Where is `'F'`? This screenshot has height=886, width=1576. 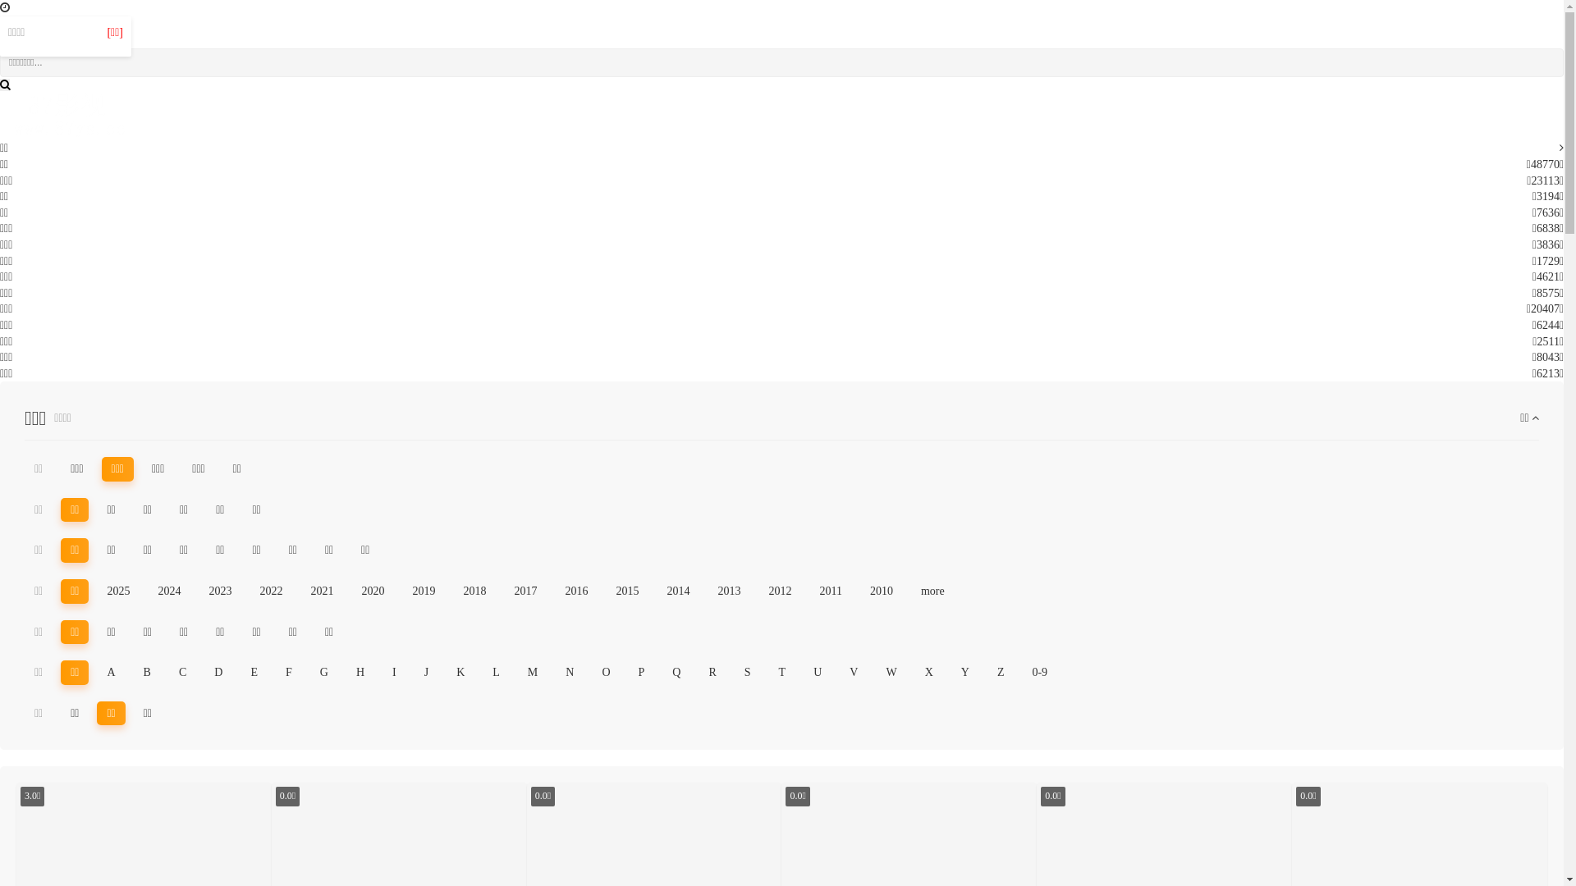 'F' is located at coordinates (288, 673).